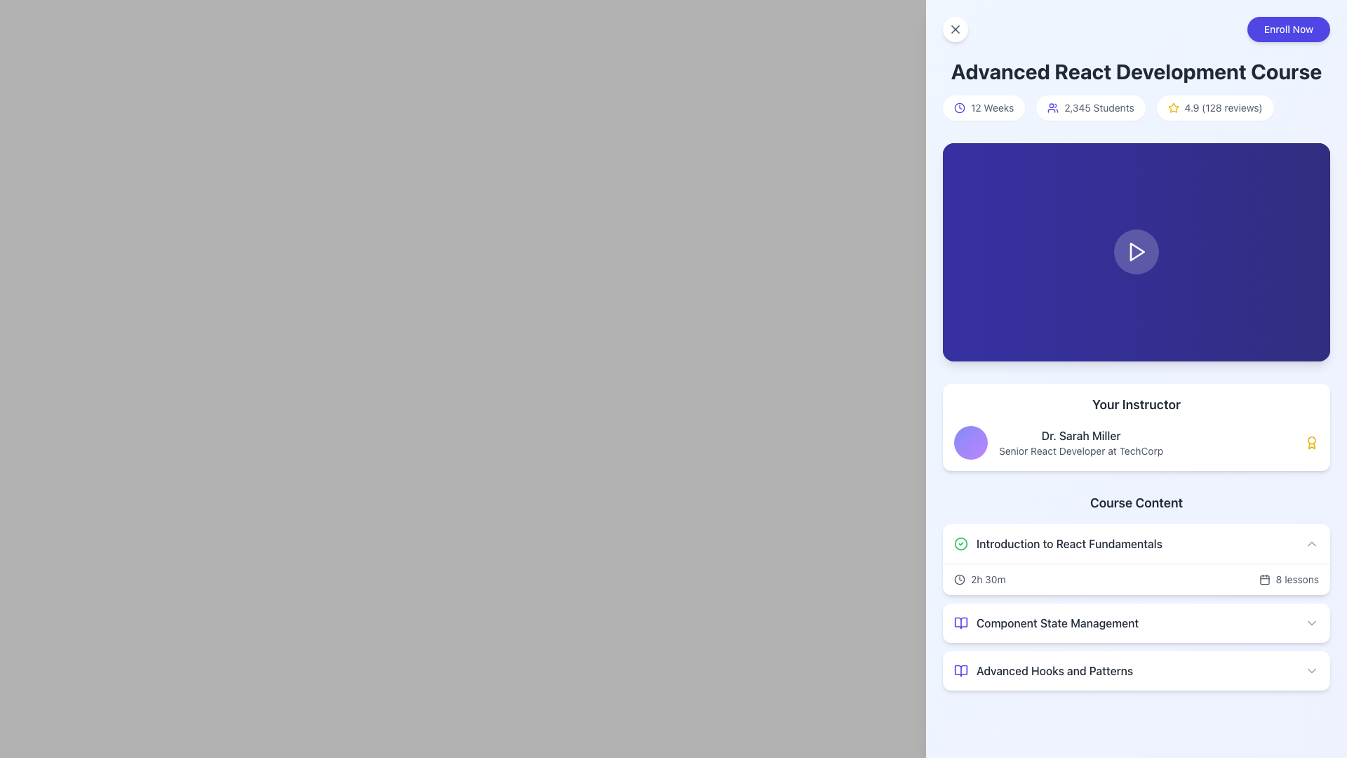  I want to click on the second list item representing the 'Component State Management' module in the 'Course Content' section, so click(1046, 622).